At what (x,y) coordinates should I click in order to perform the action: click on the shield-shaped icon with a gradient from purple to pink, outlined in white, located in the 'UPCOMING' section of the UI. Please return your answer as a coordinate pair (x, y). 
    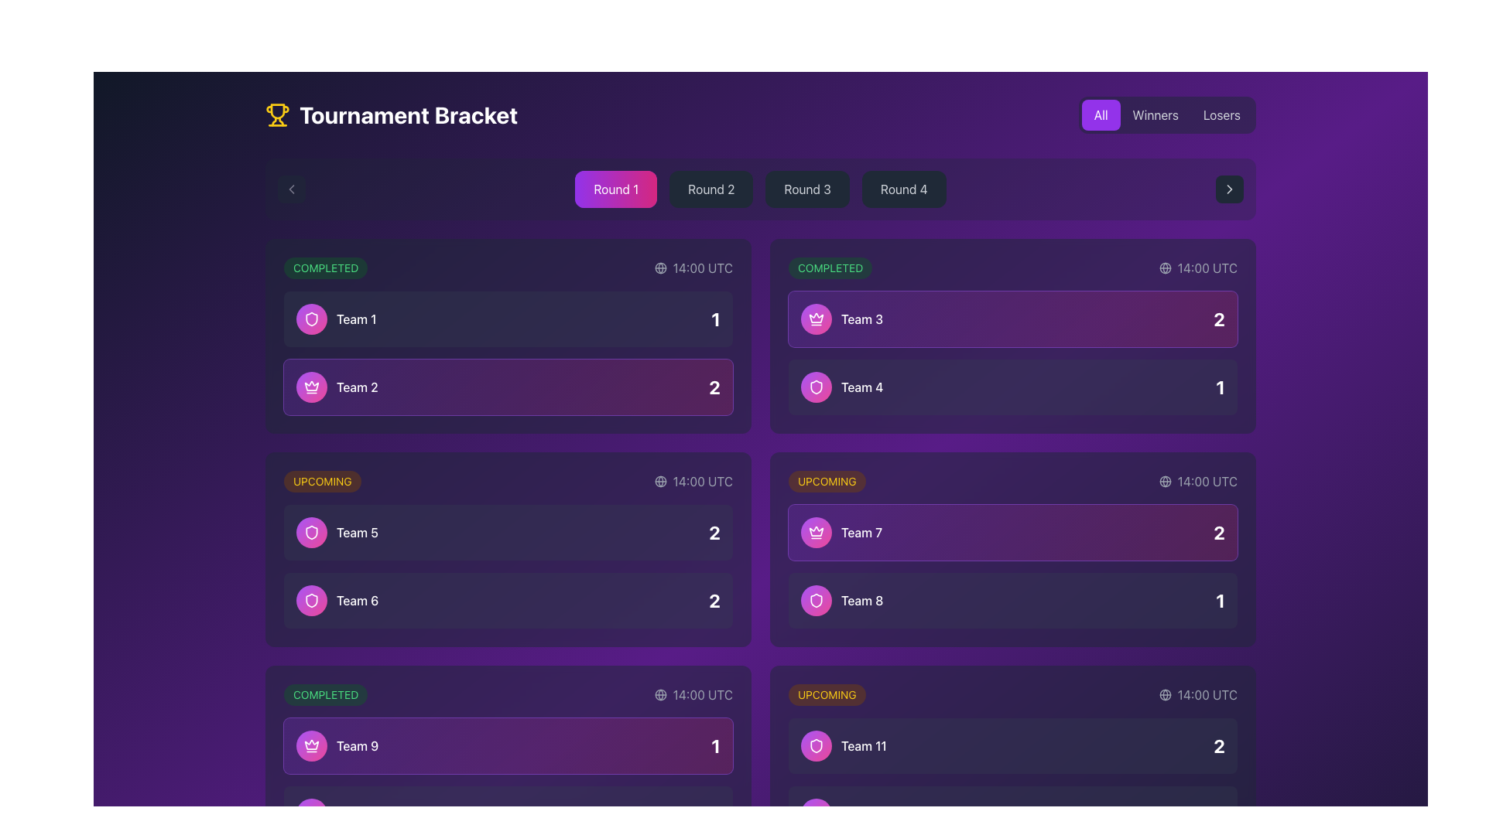
    Looking at the image, I should click on (311, 318).